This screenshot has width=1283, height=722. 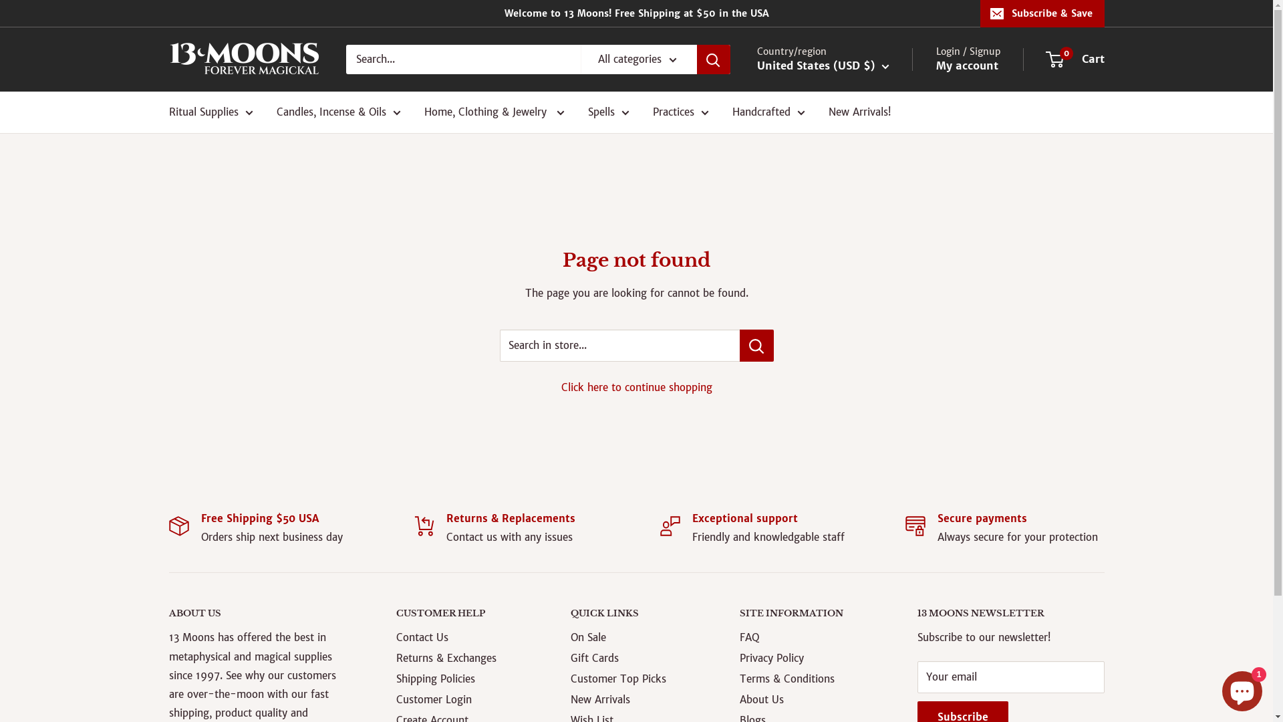 What do you see at coordinates (804, 657) in the screenshot?
I see `'Privacy Policy'` at bounding box center [804, 657].